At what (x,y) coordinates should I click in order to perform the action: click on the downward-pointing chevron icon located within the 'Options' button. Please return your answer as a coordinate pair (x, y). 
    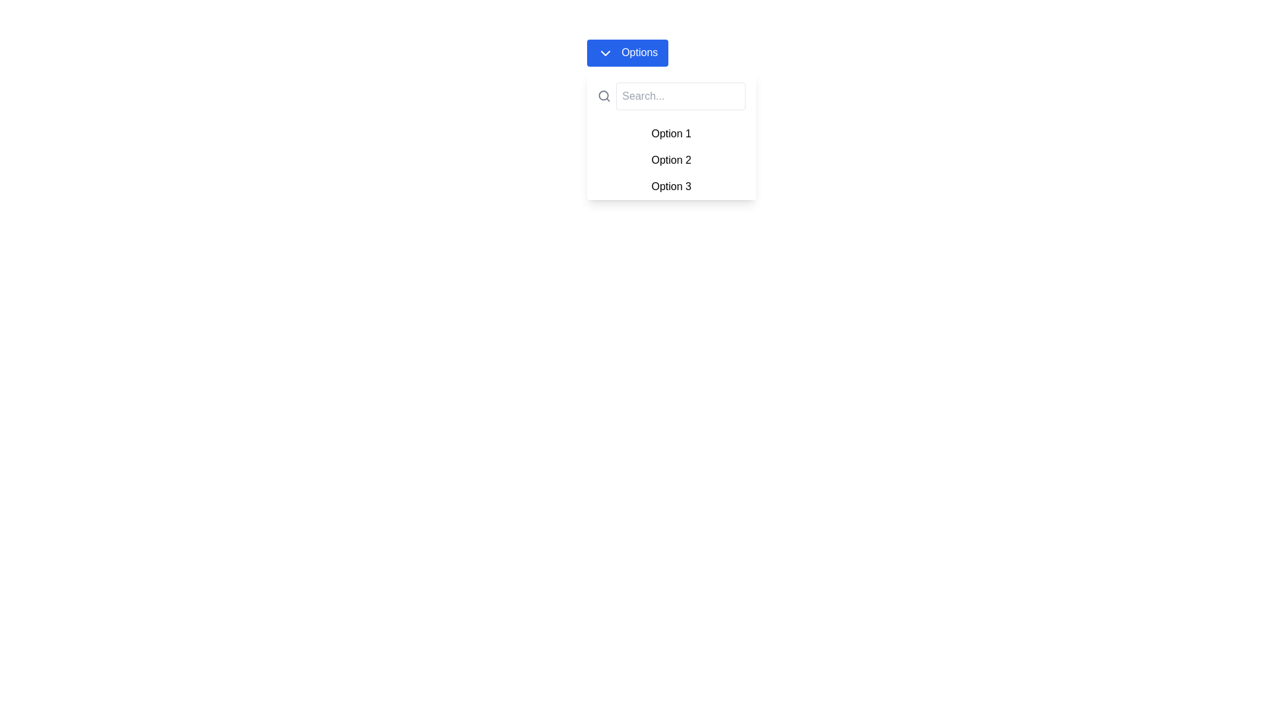
    Looking at the image, I should click on (604, 52).